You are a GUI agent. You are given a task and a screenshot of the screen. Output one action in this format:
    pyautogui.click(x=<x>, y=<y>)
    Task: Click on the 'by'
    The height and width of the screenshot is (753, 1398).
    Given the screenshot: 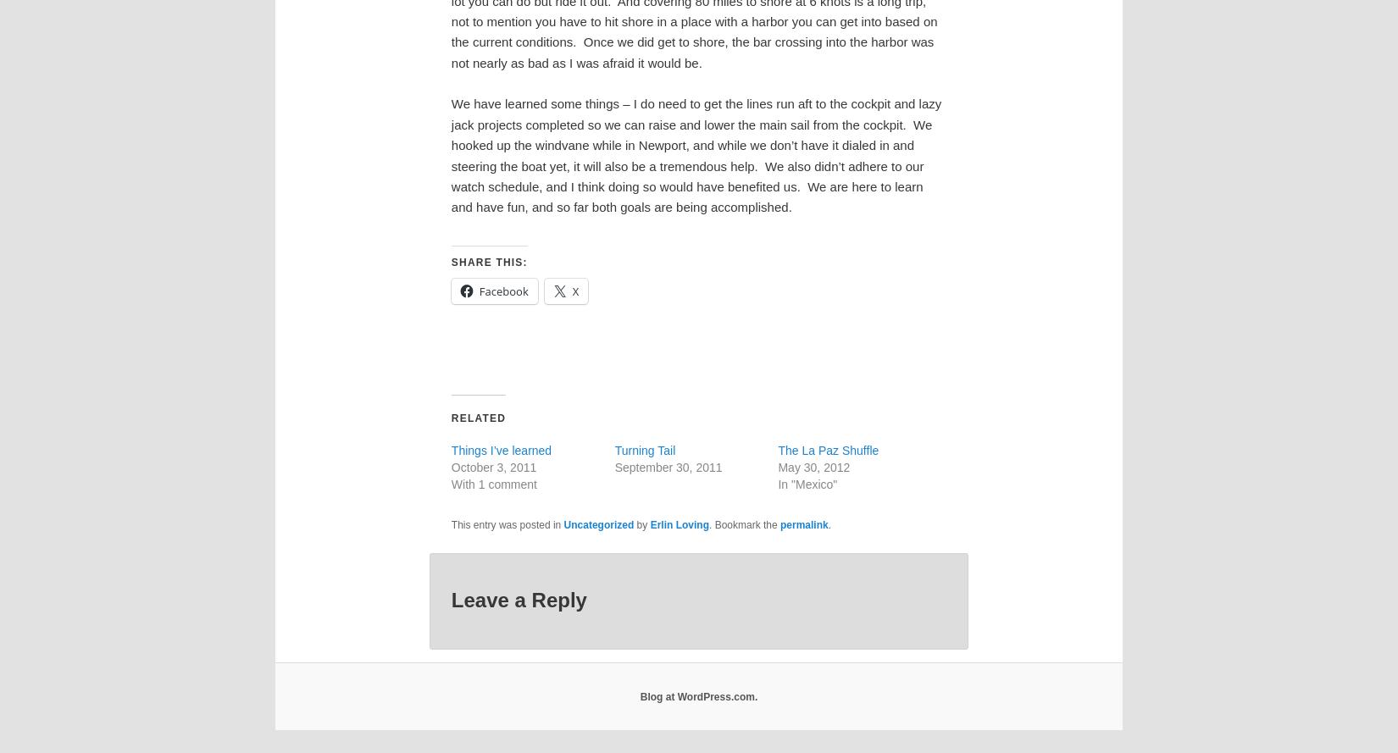 What is the action you would take?
    pyautogui.click(x=641, y=523)
    